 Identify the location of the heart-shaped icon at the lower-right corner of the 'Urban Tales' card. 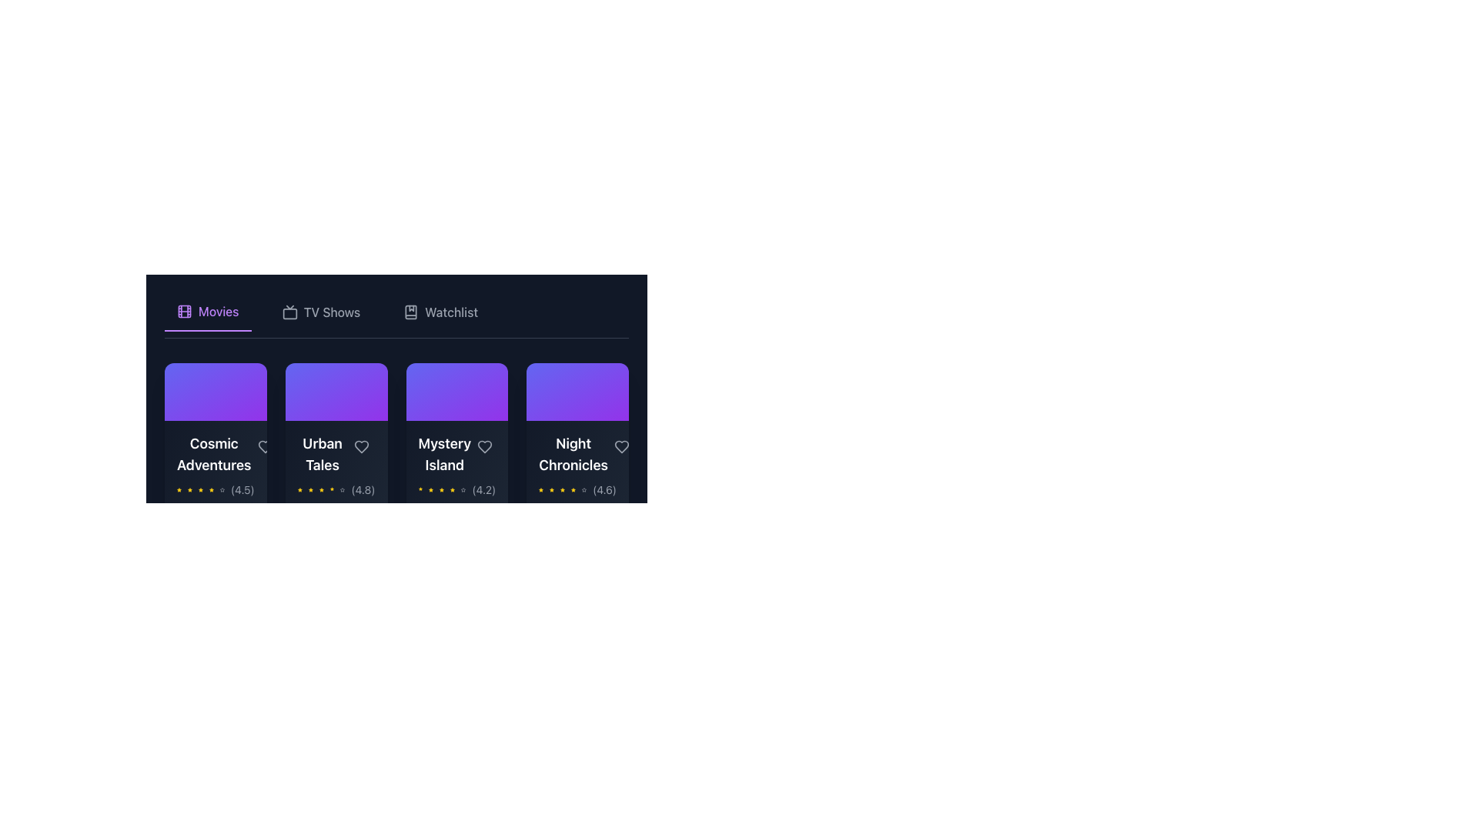
(360, 446).